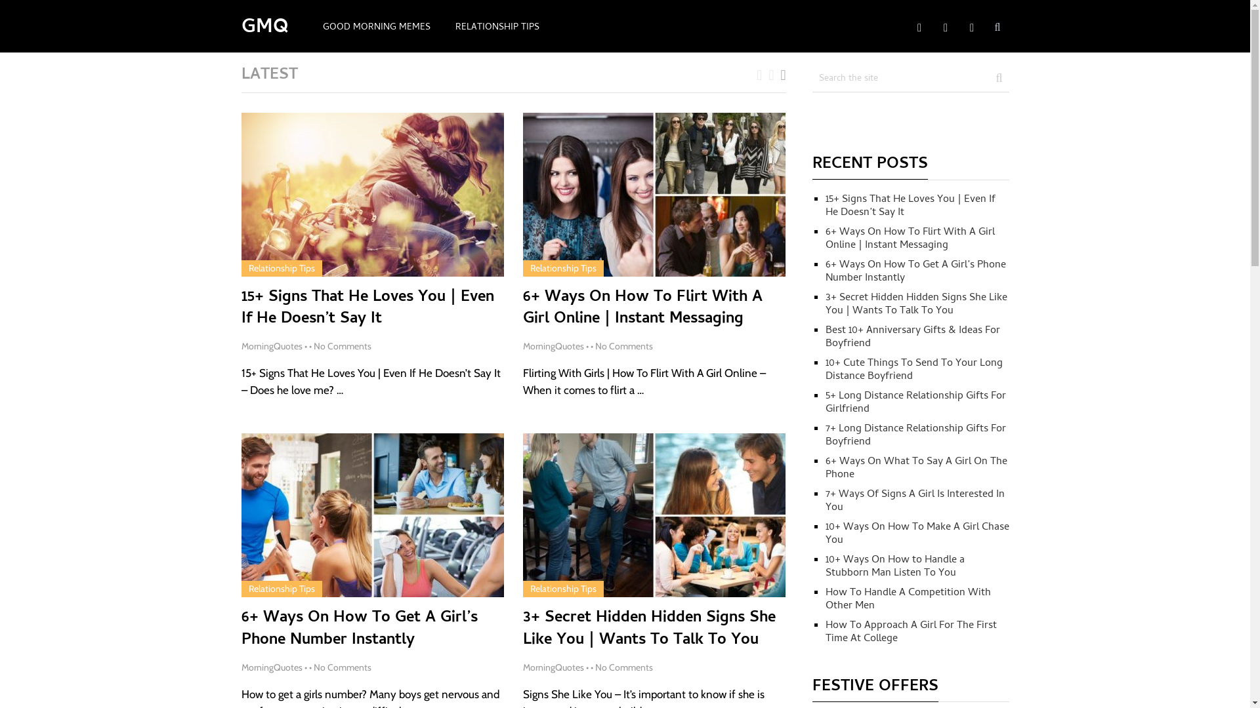  Describe the element at coordinates (280, 267) in the screenshot. I see `'Relationship Tips'` at that location.